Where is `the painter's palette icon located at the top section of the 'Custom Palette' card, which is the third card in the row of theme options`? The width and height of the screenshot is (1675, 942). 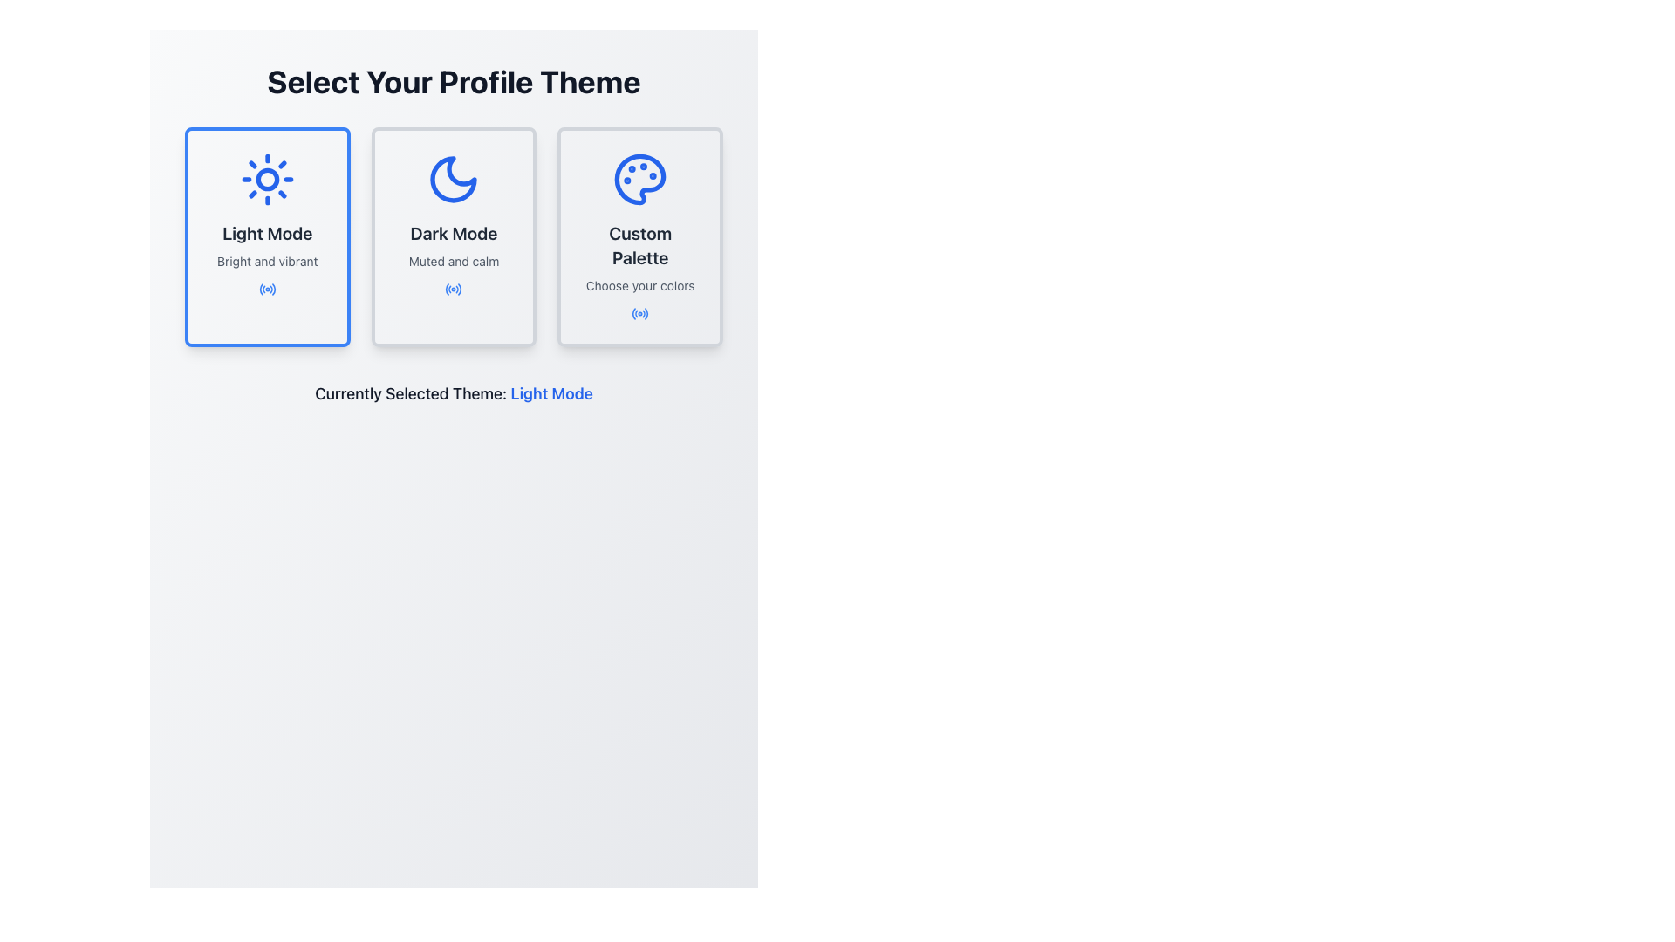
the painter's palette icon located at the top section of the 'Custom Palette' card, which is the third card in the row of theme options is located at coordinates (639, 179).